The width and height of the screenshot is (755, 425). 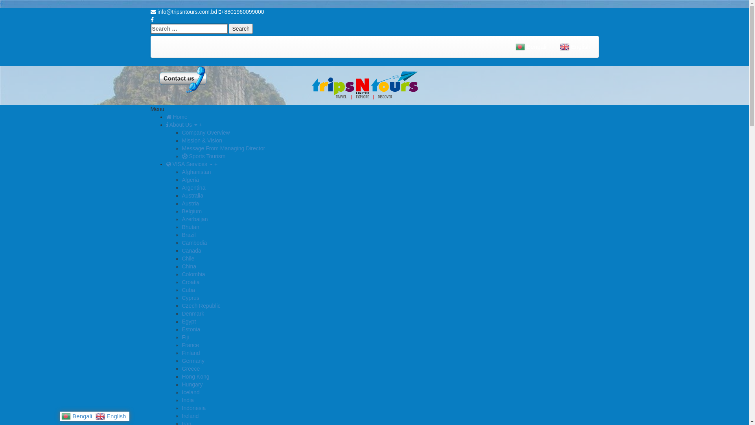 I want to click on 'Azerbaijan', so click(x=194, y=219).